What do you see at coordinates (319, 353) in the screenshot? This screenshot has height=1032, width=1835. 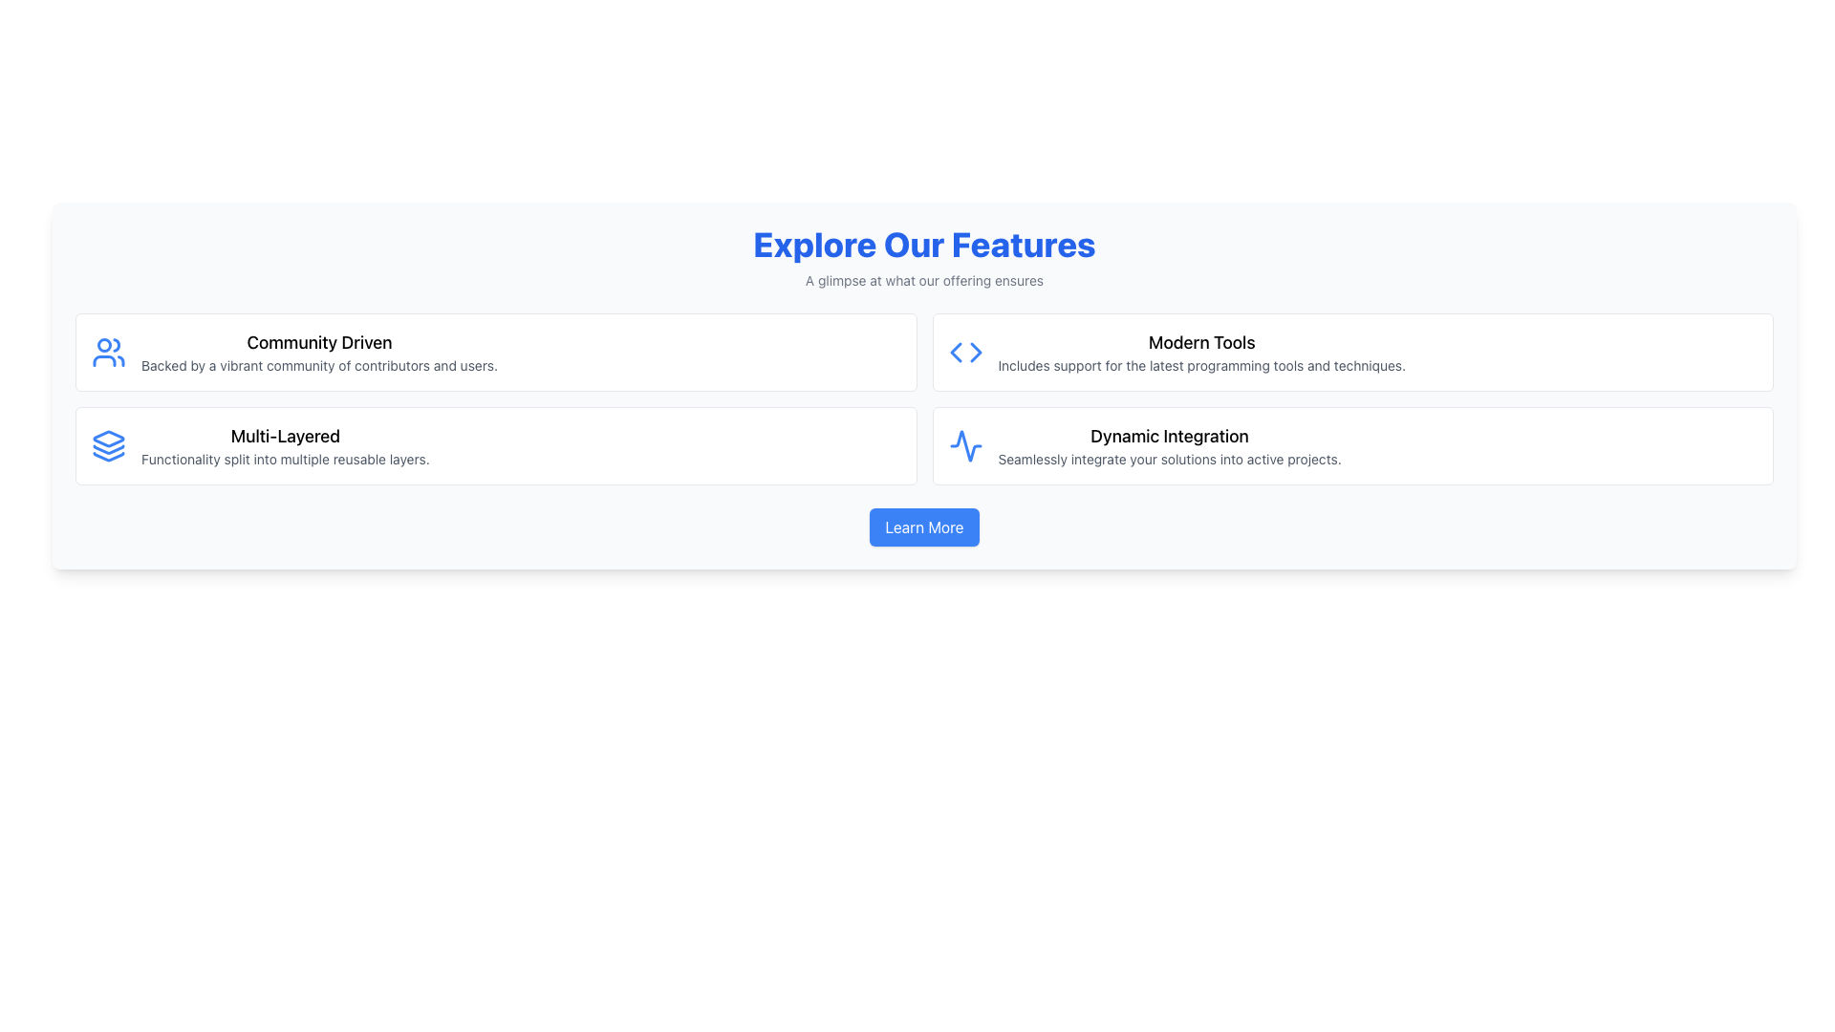 I see `informational text block located in the top-left quadrant of the layout, aligned with other feature descriptions` at bounding box center [319, 353].